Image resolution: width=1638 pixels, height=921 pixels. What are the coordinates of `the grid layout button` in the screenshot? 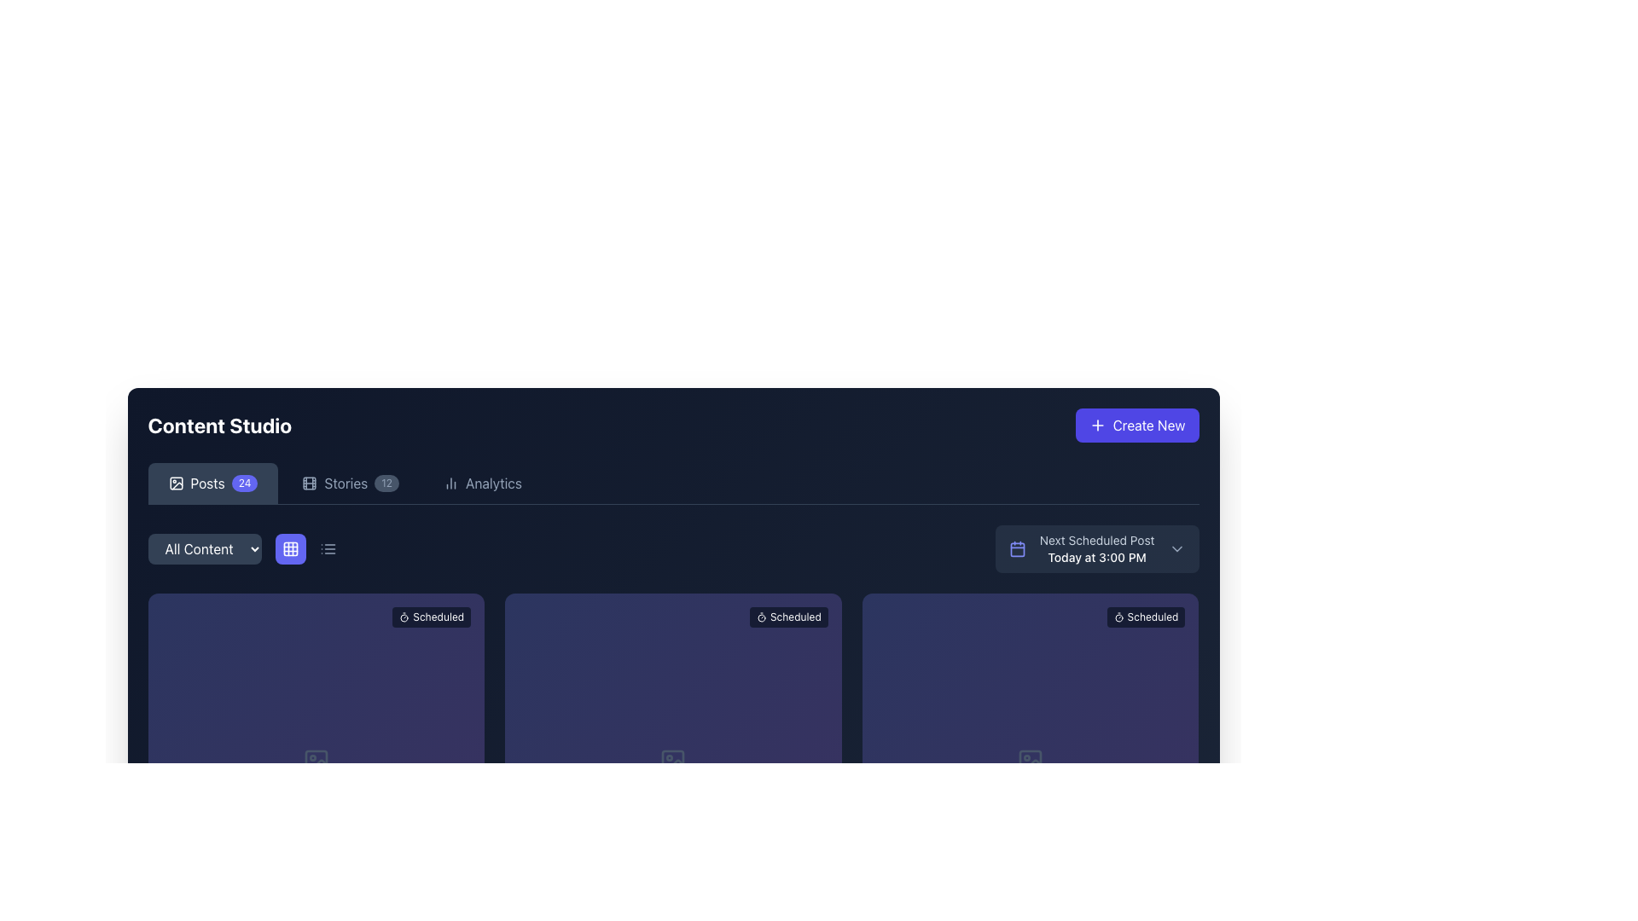 It's located at (290, 549).